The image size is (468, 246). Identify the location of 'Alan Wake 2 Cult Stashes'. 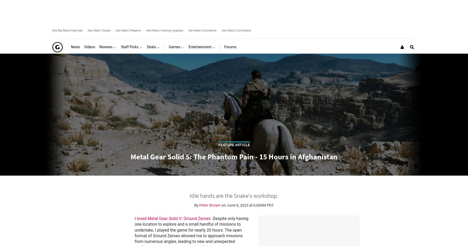
(236, 30).